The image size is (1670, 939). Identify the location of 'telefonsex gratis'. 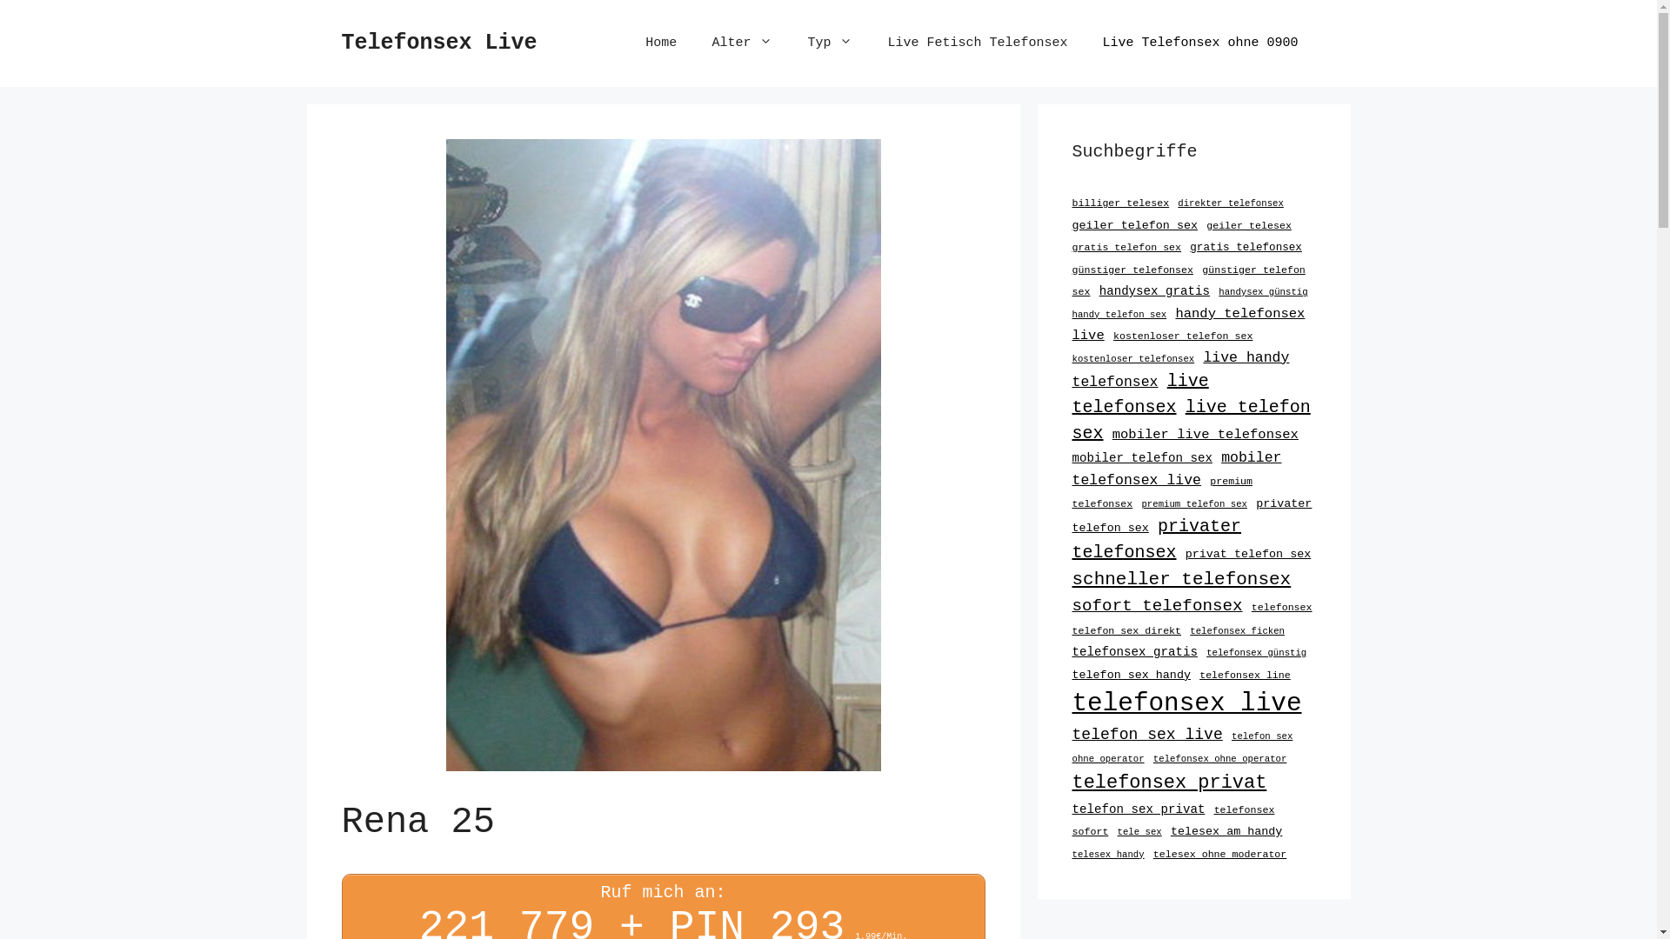
(1134, 651).